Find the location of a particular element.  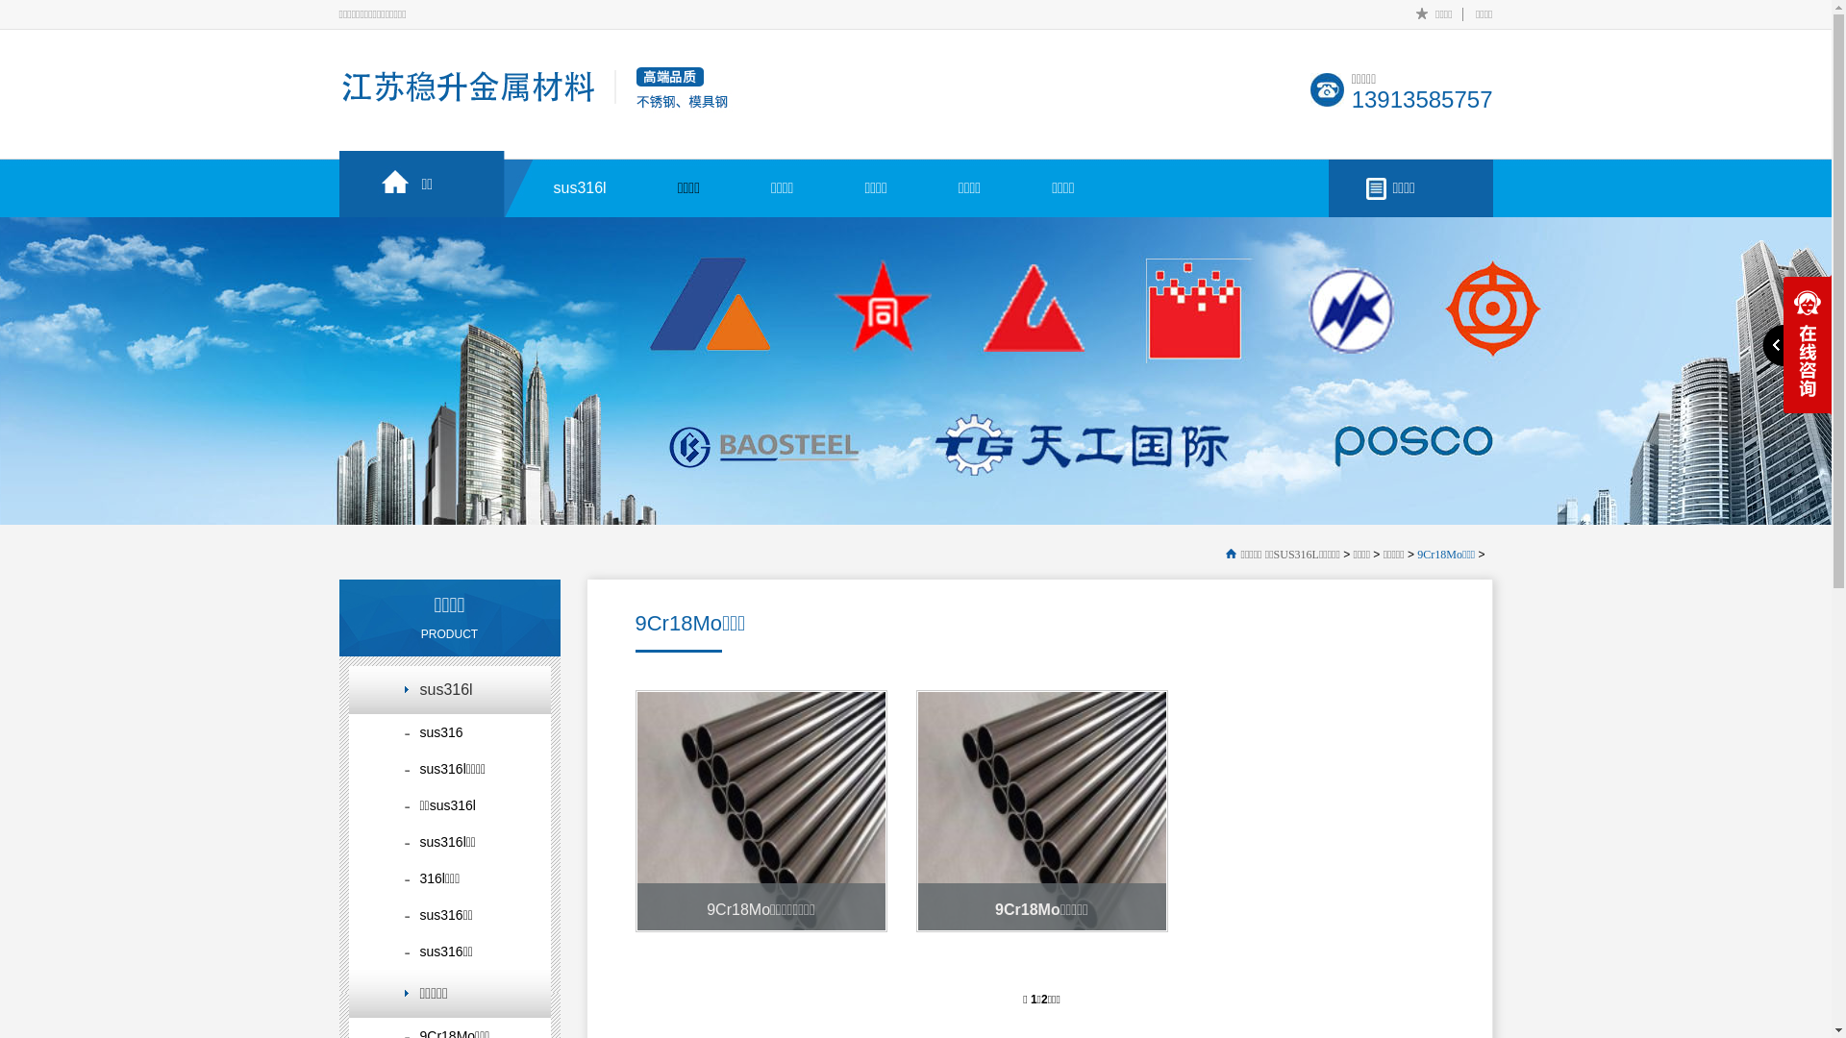

'sus316l' is located at coordinates (447, 688).